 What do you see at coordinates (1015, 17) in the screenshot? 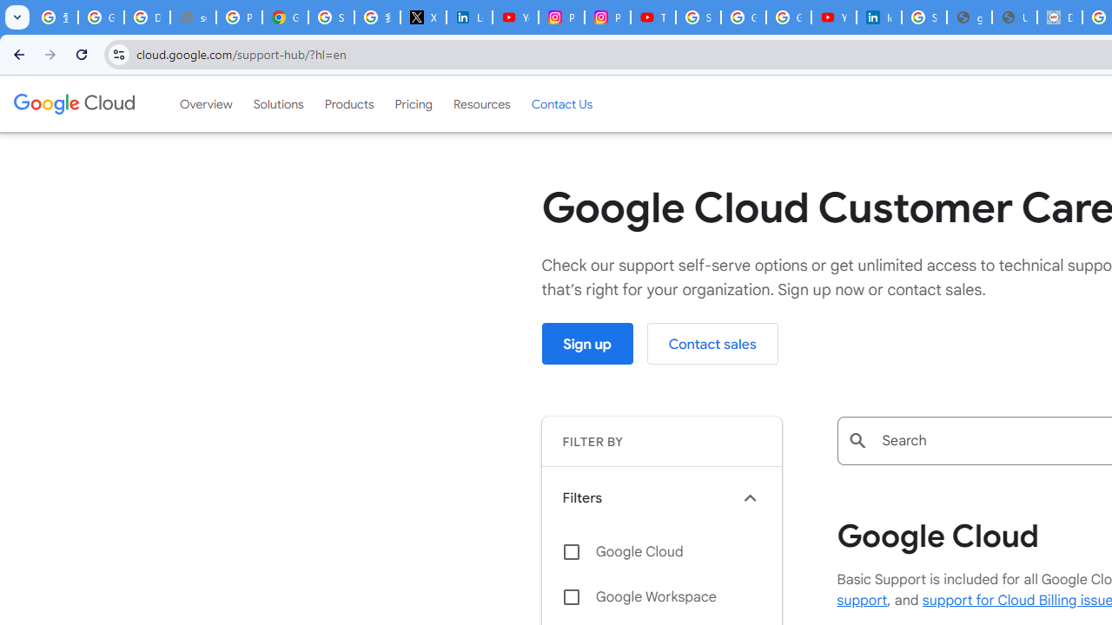
I see `'User Details'` at bounding box center [1015, 17].